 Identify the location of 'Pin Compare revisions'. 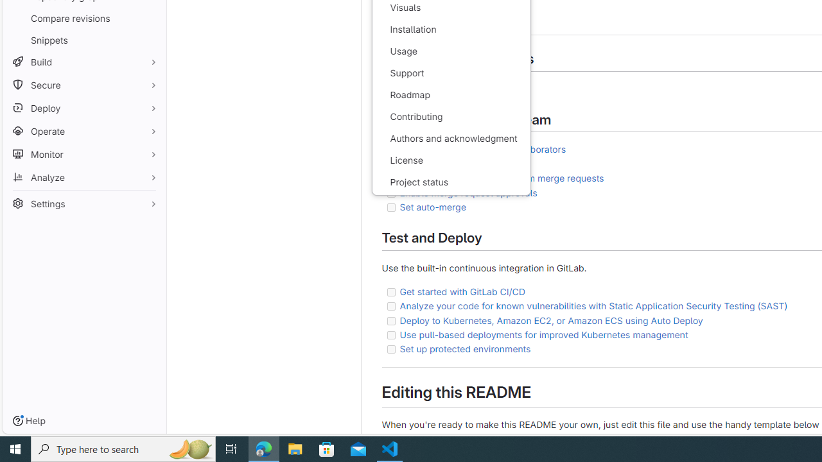
(150, 18).